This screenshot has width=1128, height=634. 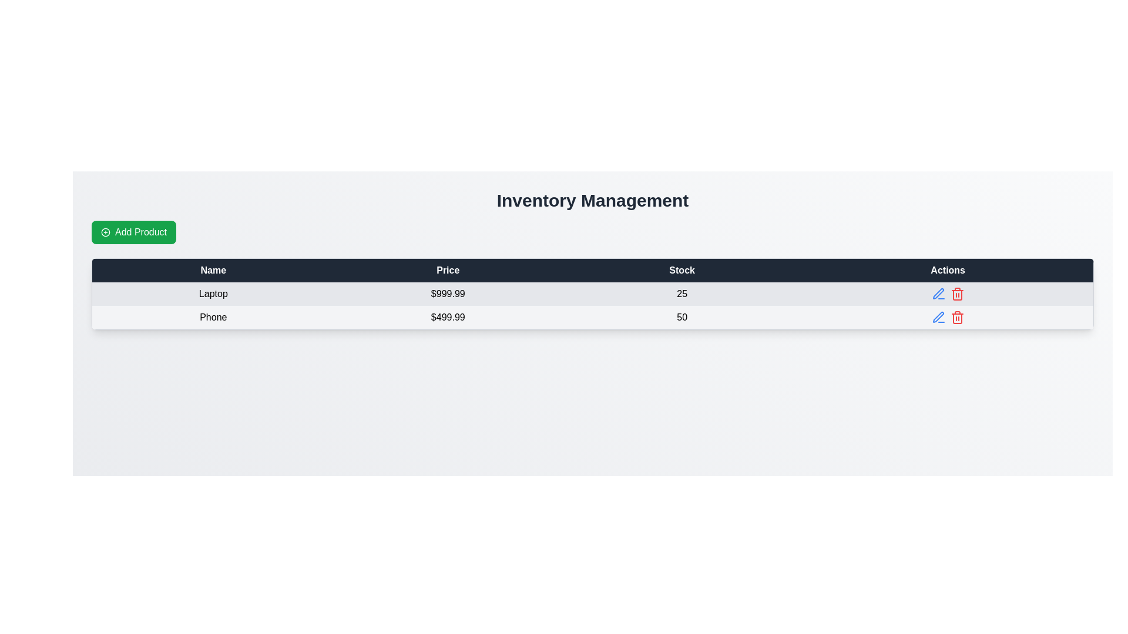 I want to click on the delete icon button located in the 'Actions' column of the last row of the table, so click(x=957, y=317).